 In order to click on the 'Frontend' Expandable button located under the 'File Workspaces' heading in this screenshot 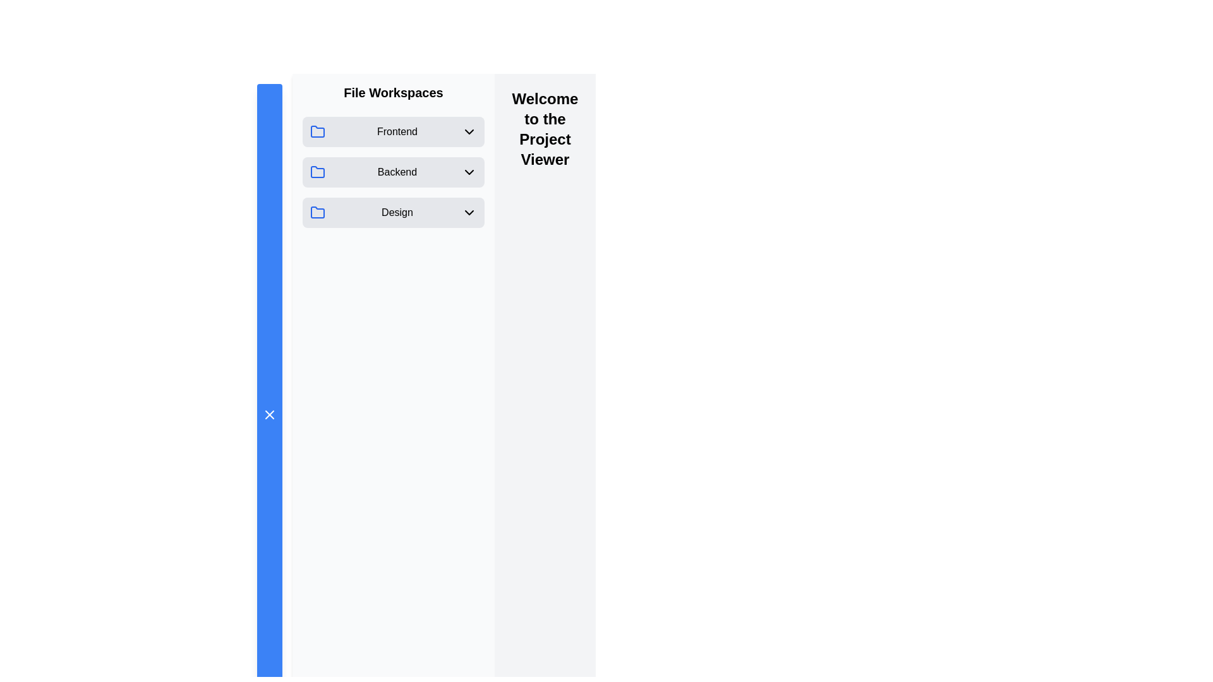, I will do `click(393, 131)`.